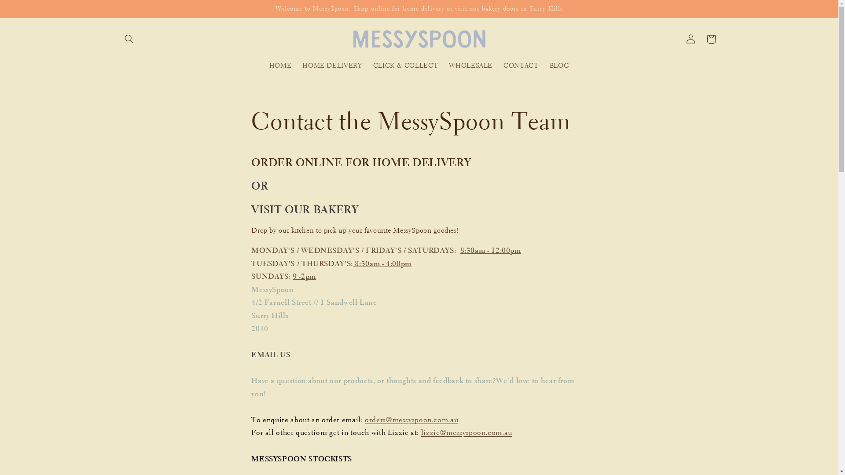 The height and width of the screenshot is (475, 845). What do you see at coordinates (331, 66) in the screenshot?
I see `'HOME DELIVERY'` at bounding box center [331, 66].